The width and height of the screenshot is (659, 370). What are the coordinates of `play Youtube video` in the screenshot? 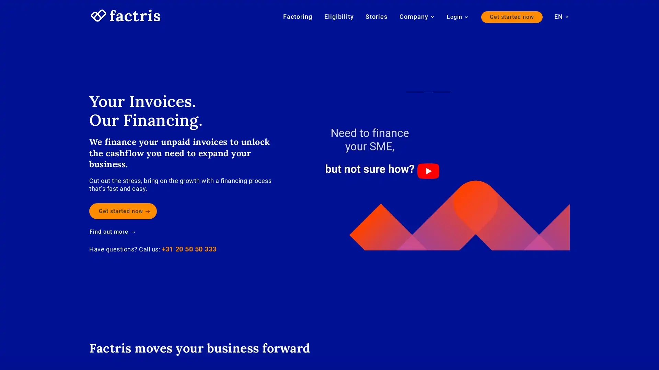 It's located at (428, 170).